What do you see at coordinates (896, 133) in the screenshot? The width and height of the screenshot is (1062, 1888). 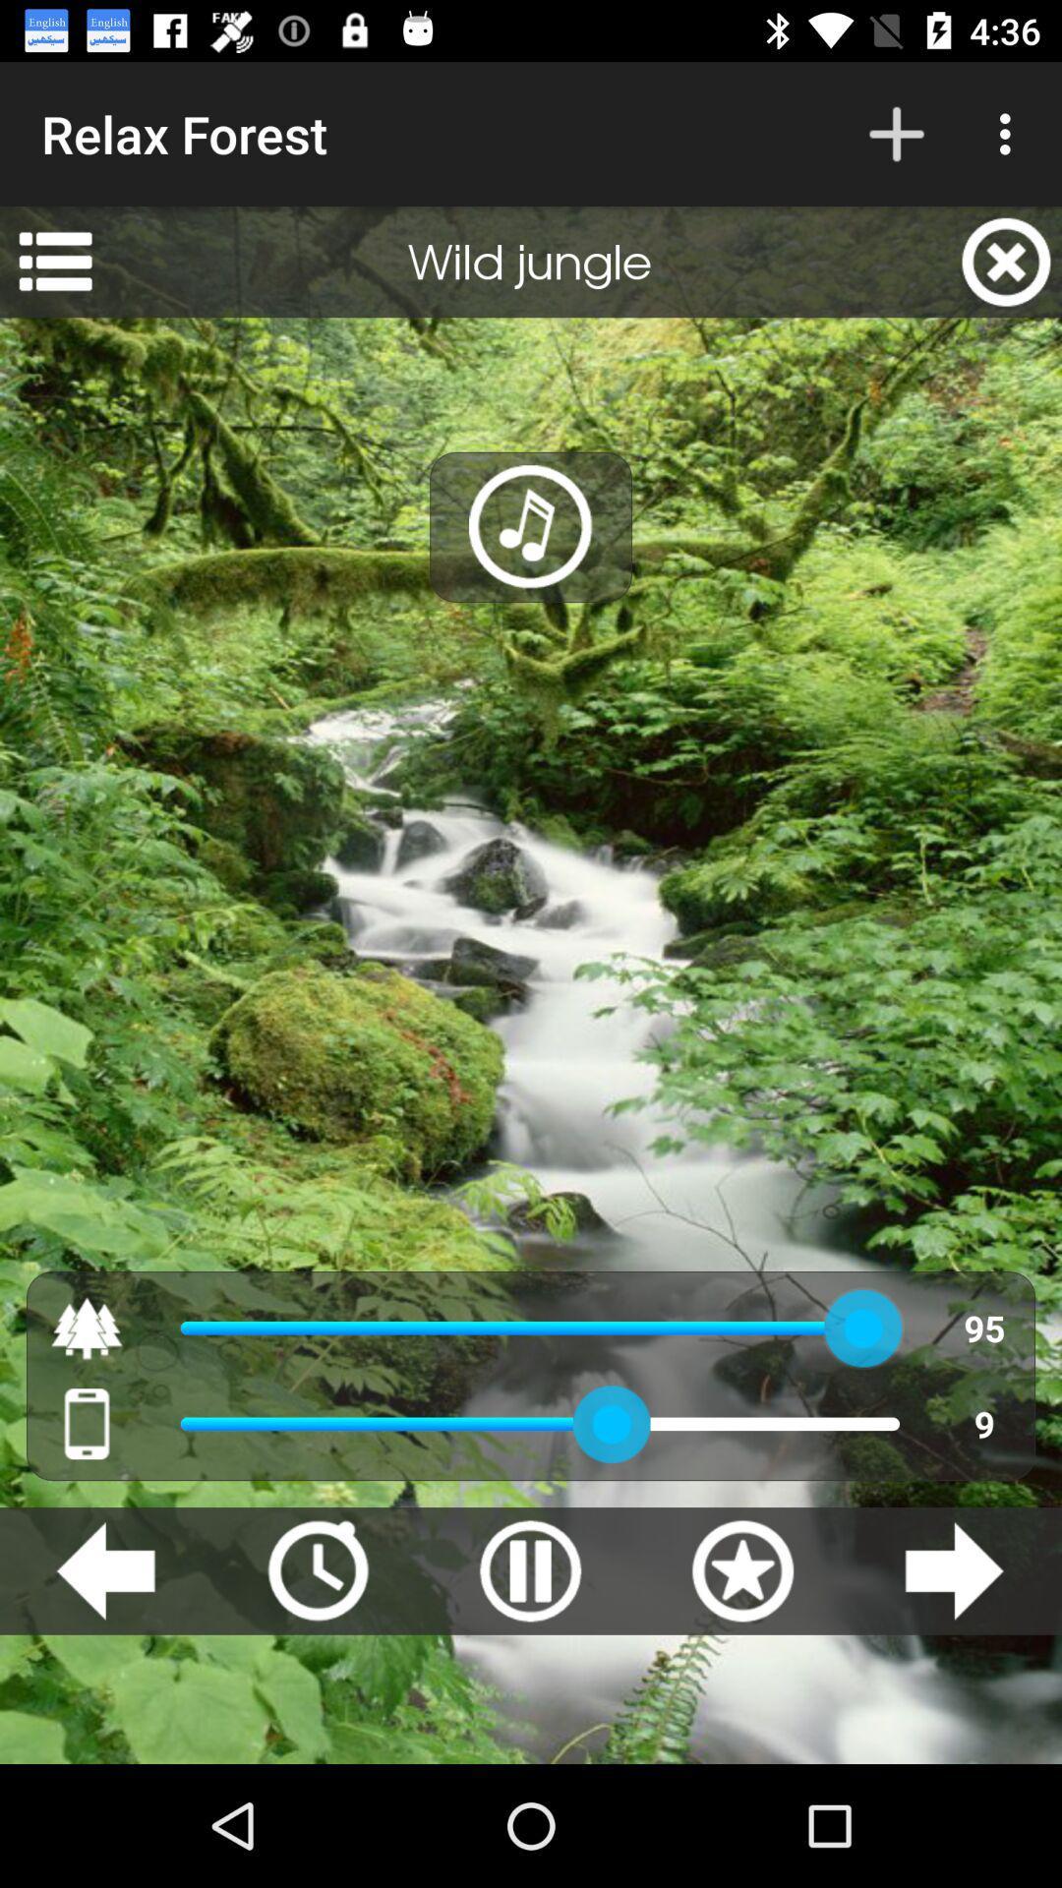 I see `icon next to relax forest icon` at bounding box center [896, 133].